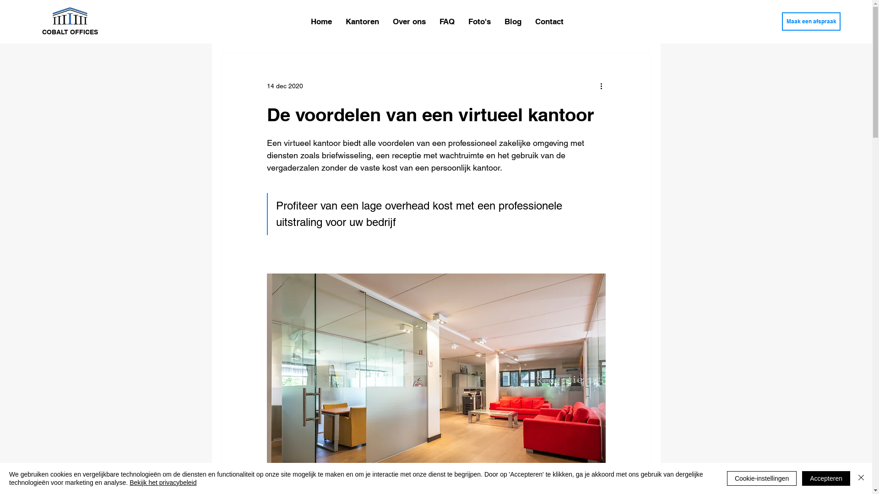  I want to click on 'Bekijk het privacybeleid', so click(163, 482).